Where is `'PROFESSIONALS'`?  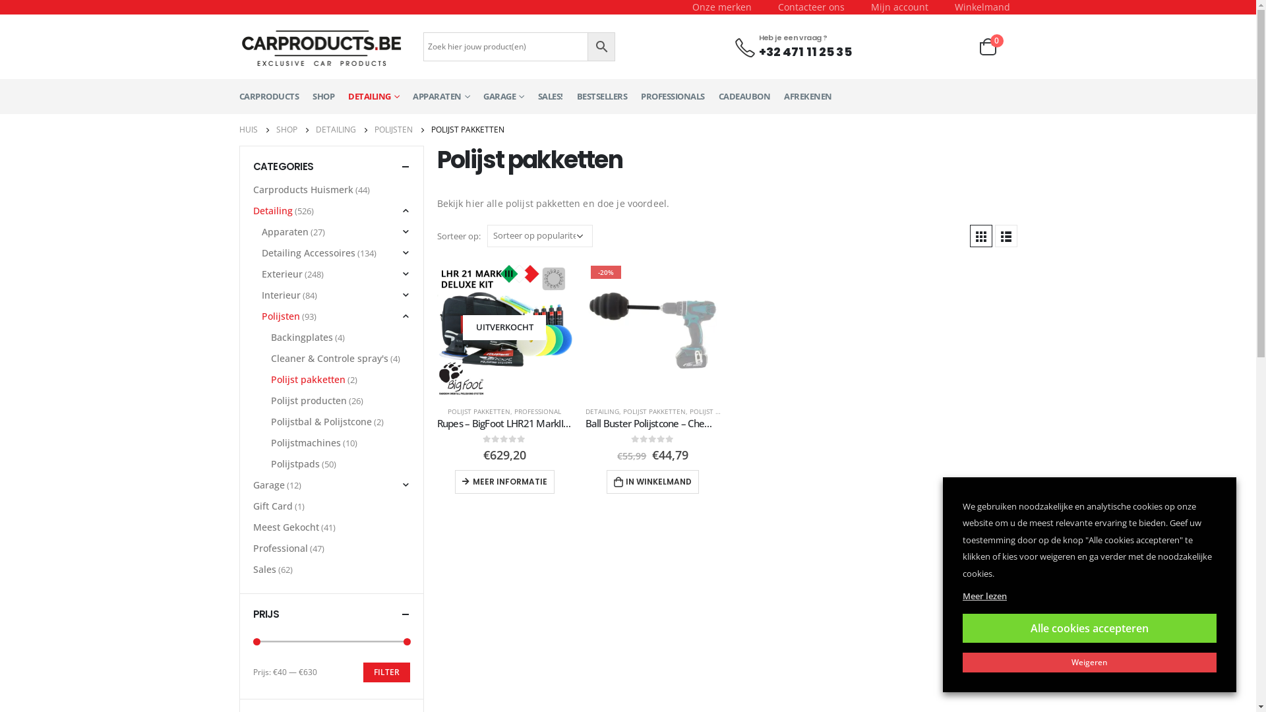
'PROFESSIONALS' is located at coordinates (673, 96).